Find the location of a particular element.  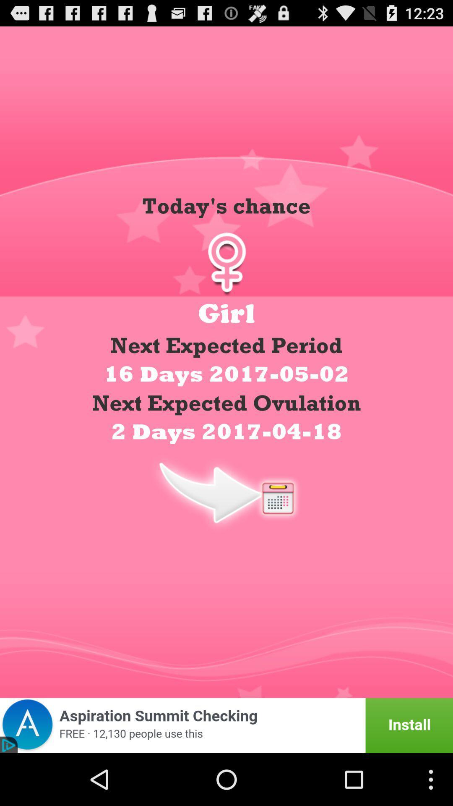

open advertisement is located at coordinates (226, 725).